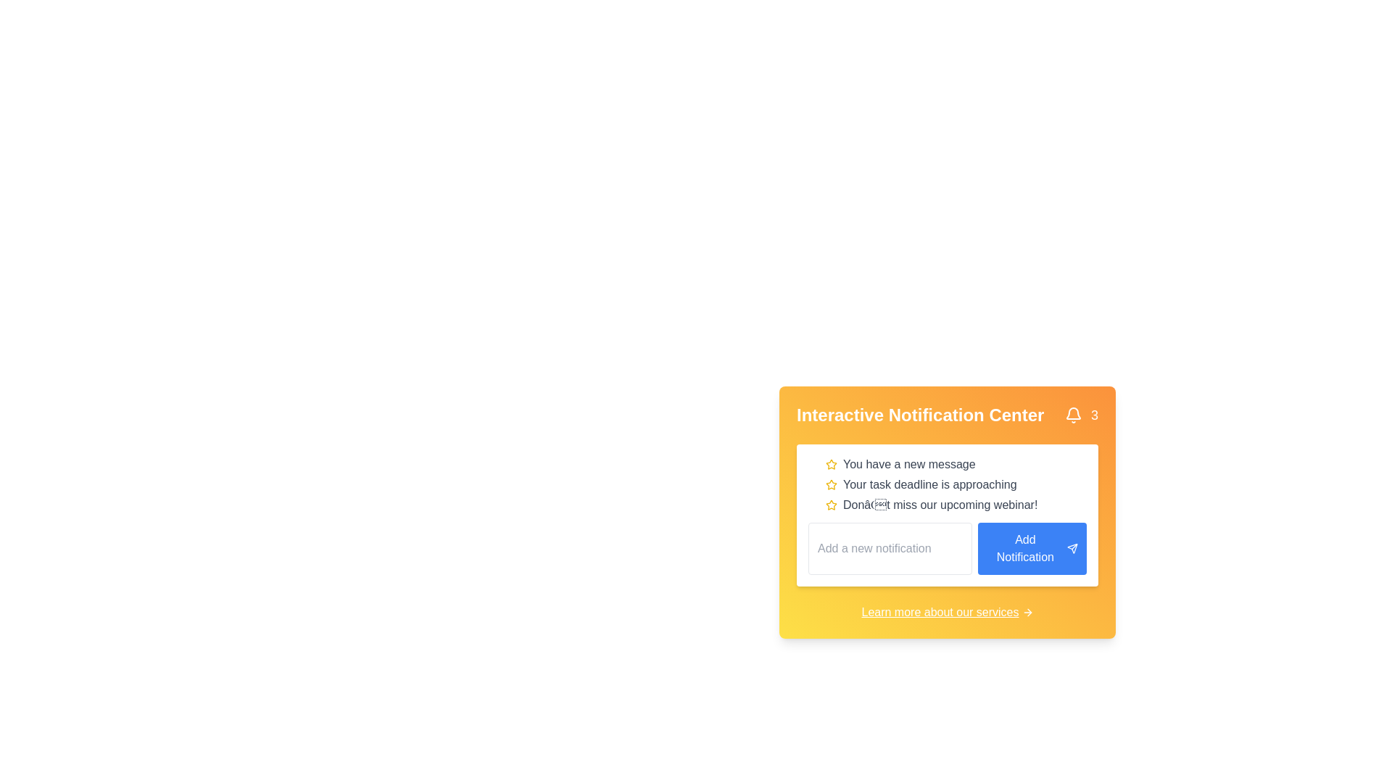 The image size is (1392, 783). I want to click on the star icon, so click(832, 505).